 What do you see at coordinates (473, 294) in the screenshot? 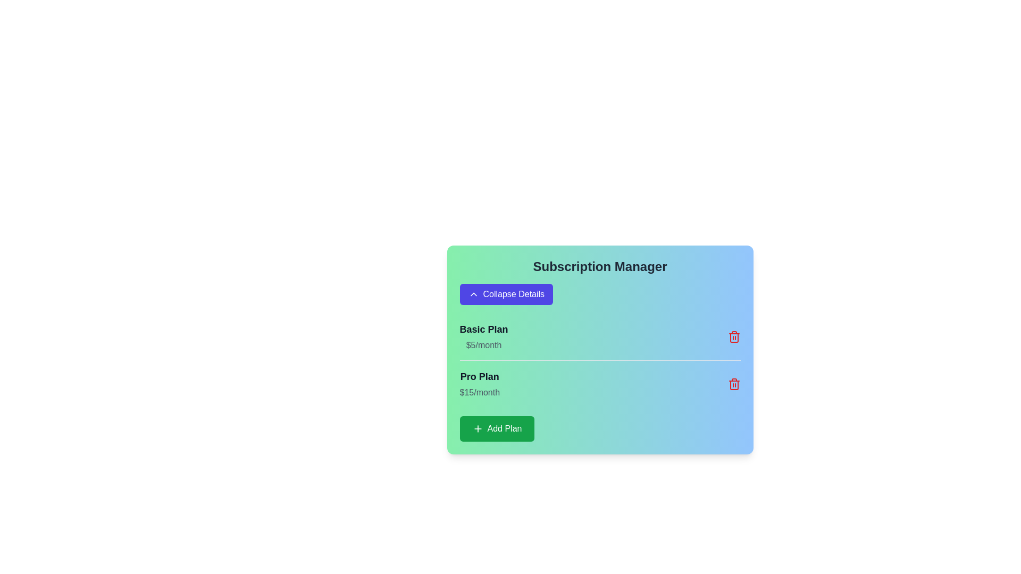
I see `the chevron-up icon, which is white and located to the left of the 'Collapse Details' button in the subscription management interface` at bounding box center [473, 294].